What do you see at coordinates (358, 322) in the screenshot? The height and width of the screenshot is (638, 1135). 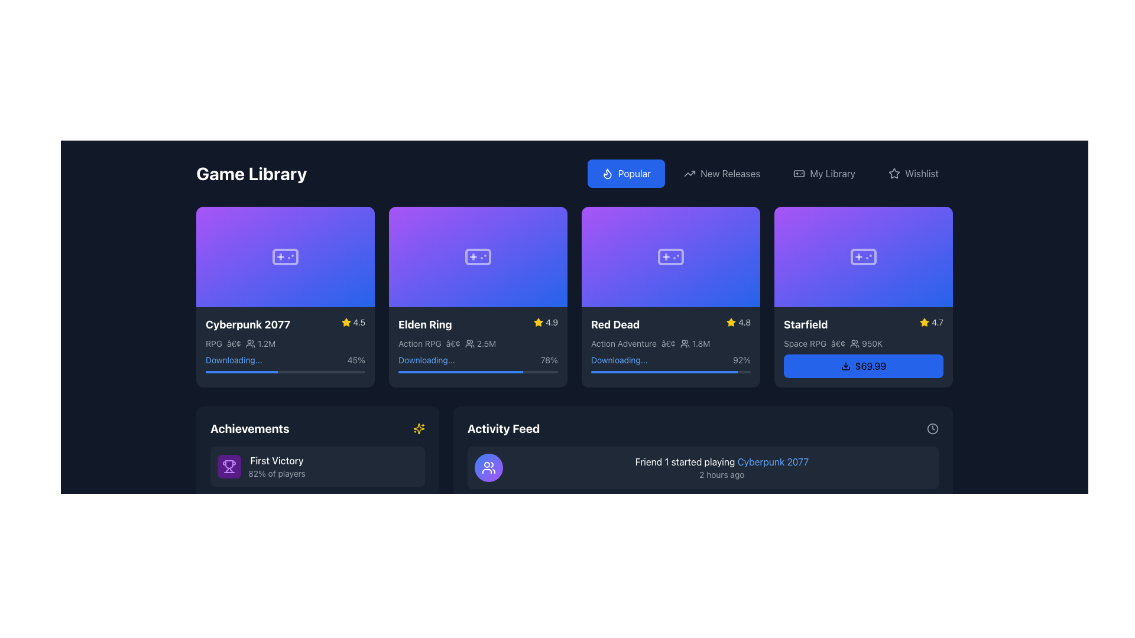 I see `the numerical text '4.5' indicating the rating value for the 'Cyberpunk 2077' game card, which is styled in a small gray font and located next to a yellow star icon` at bounding box center [358, 322].